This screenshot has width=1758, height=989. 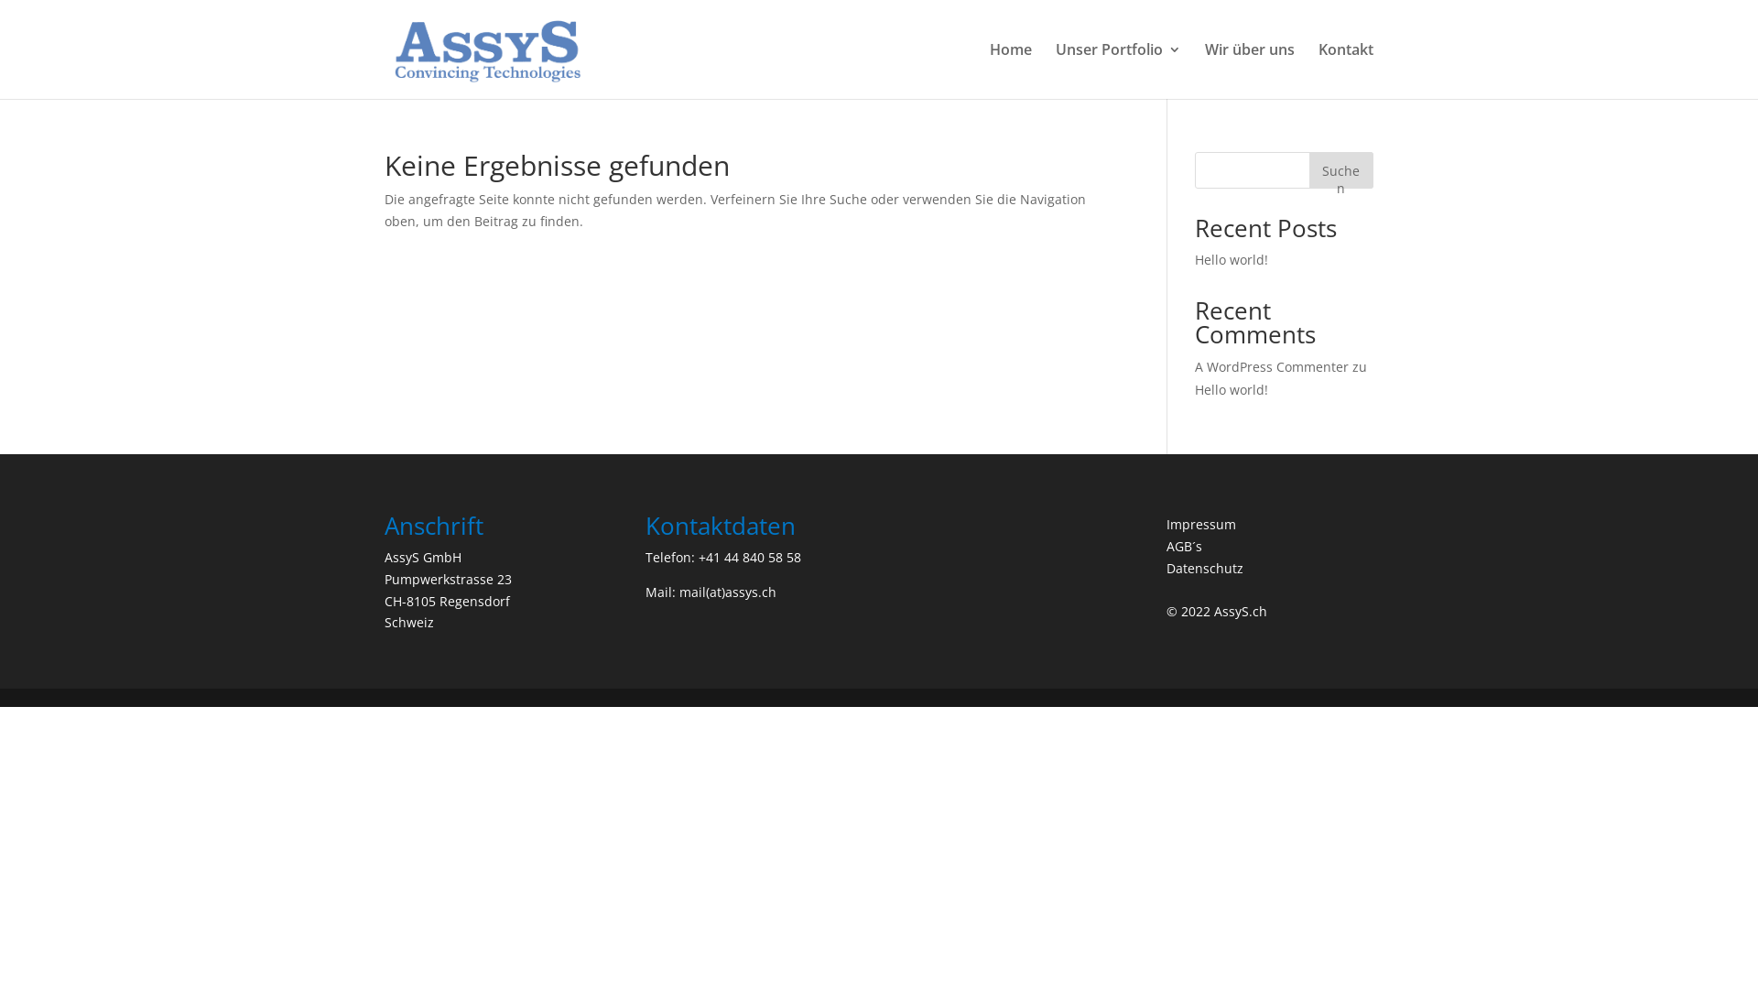 I want to click on 'Kontakt', so click(x=1345, y=70).